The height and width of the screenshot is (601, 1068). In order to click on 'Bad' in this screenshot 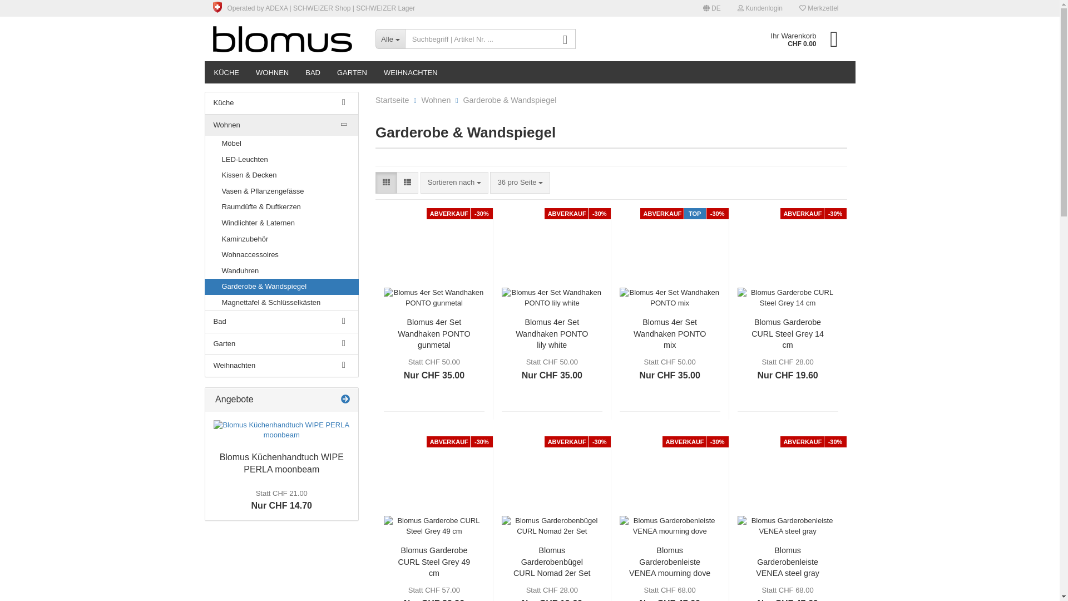, I will do `click(281, 322)`.